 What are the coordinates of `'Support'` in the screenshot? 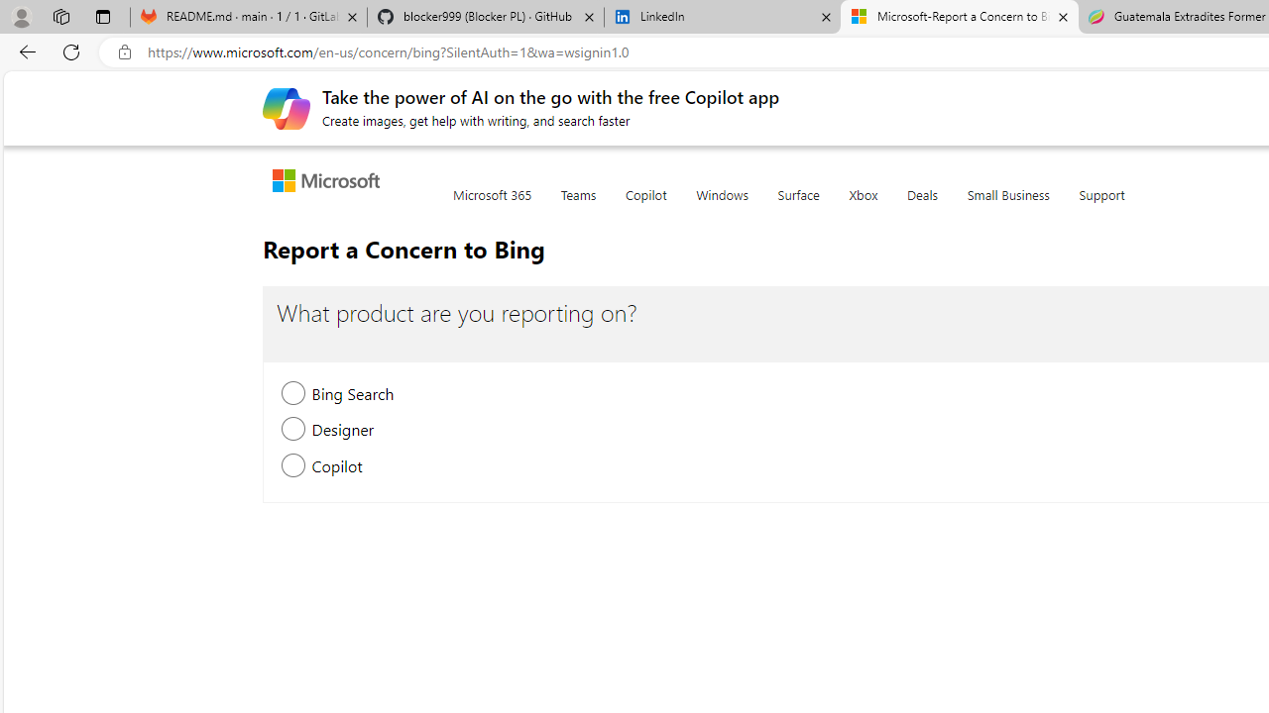 It's located at (1100, 207).